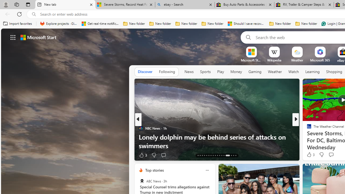 Image resolution: width=345 pixels, height=194 pixels. I want to click on 'Weather', so click(275, 72).